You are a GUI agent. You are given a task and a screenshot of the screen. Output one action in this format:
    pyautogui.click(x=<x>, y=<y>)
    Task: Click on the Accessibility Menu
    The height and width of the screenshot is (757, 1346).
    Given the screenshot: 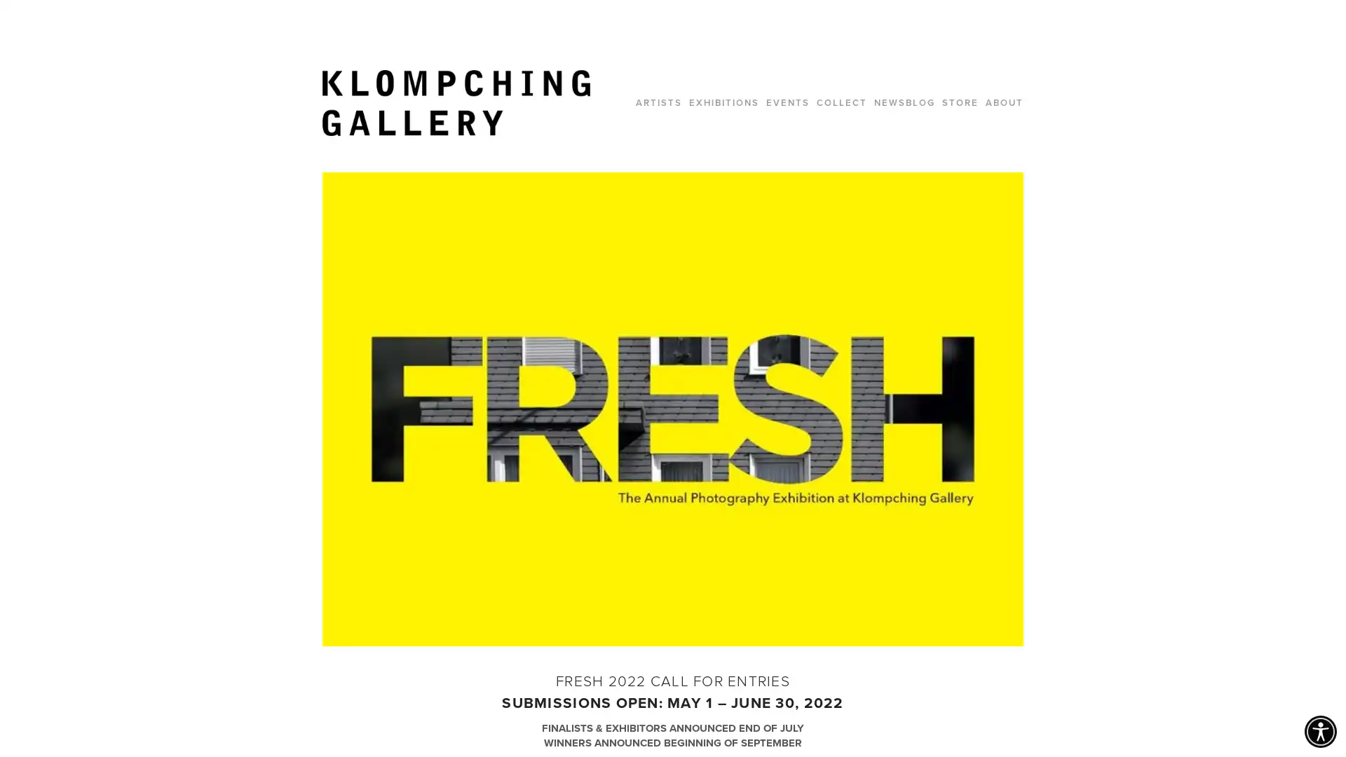 What is the action you would take?
    pyautogui.click(x=1319, y=731)
    